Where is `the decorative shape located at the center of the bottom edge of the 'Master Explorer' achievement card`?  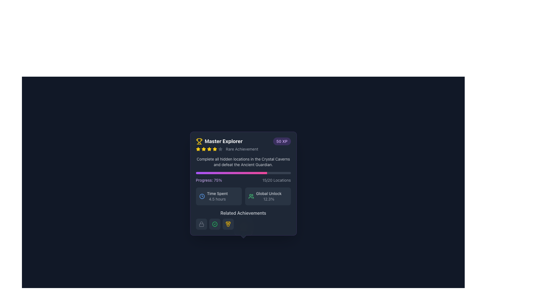 the decorative shape located at the center of the bottom edge of the 'Master Explorer' achievement card is located at coordinates (243, 235).